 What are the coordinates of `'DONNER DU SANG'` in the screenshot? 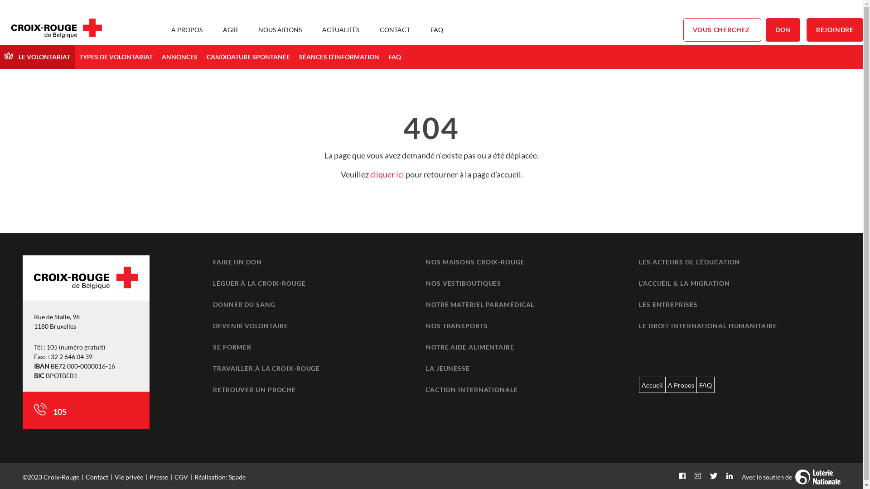 It's located at (244, 304).